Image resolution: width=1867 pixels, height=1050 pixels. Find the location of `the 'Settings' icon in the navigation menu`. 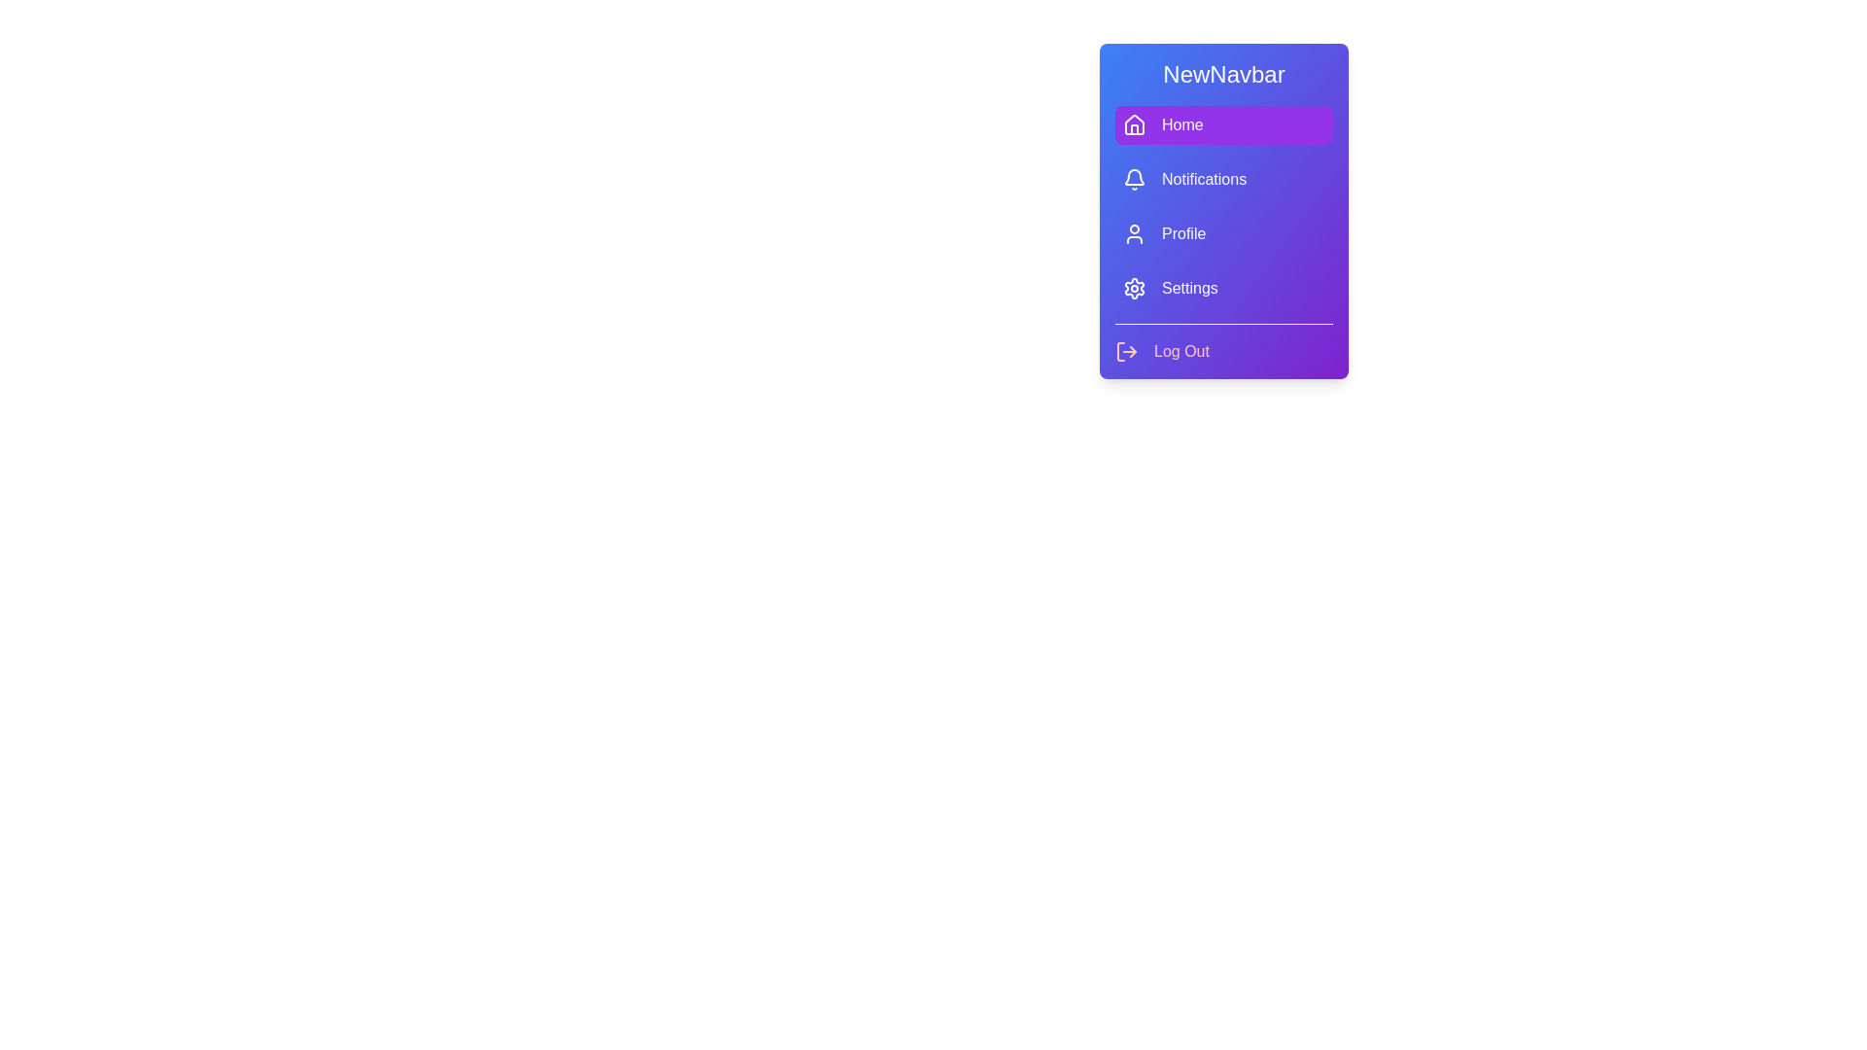

the 'Settings' icon in the navigation menu is located at coordinates (1134, 289).